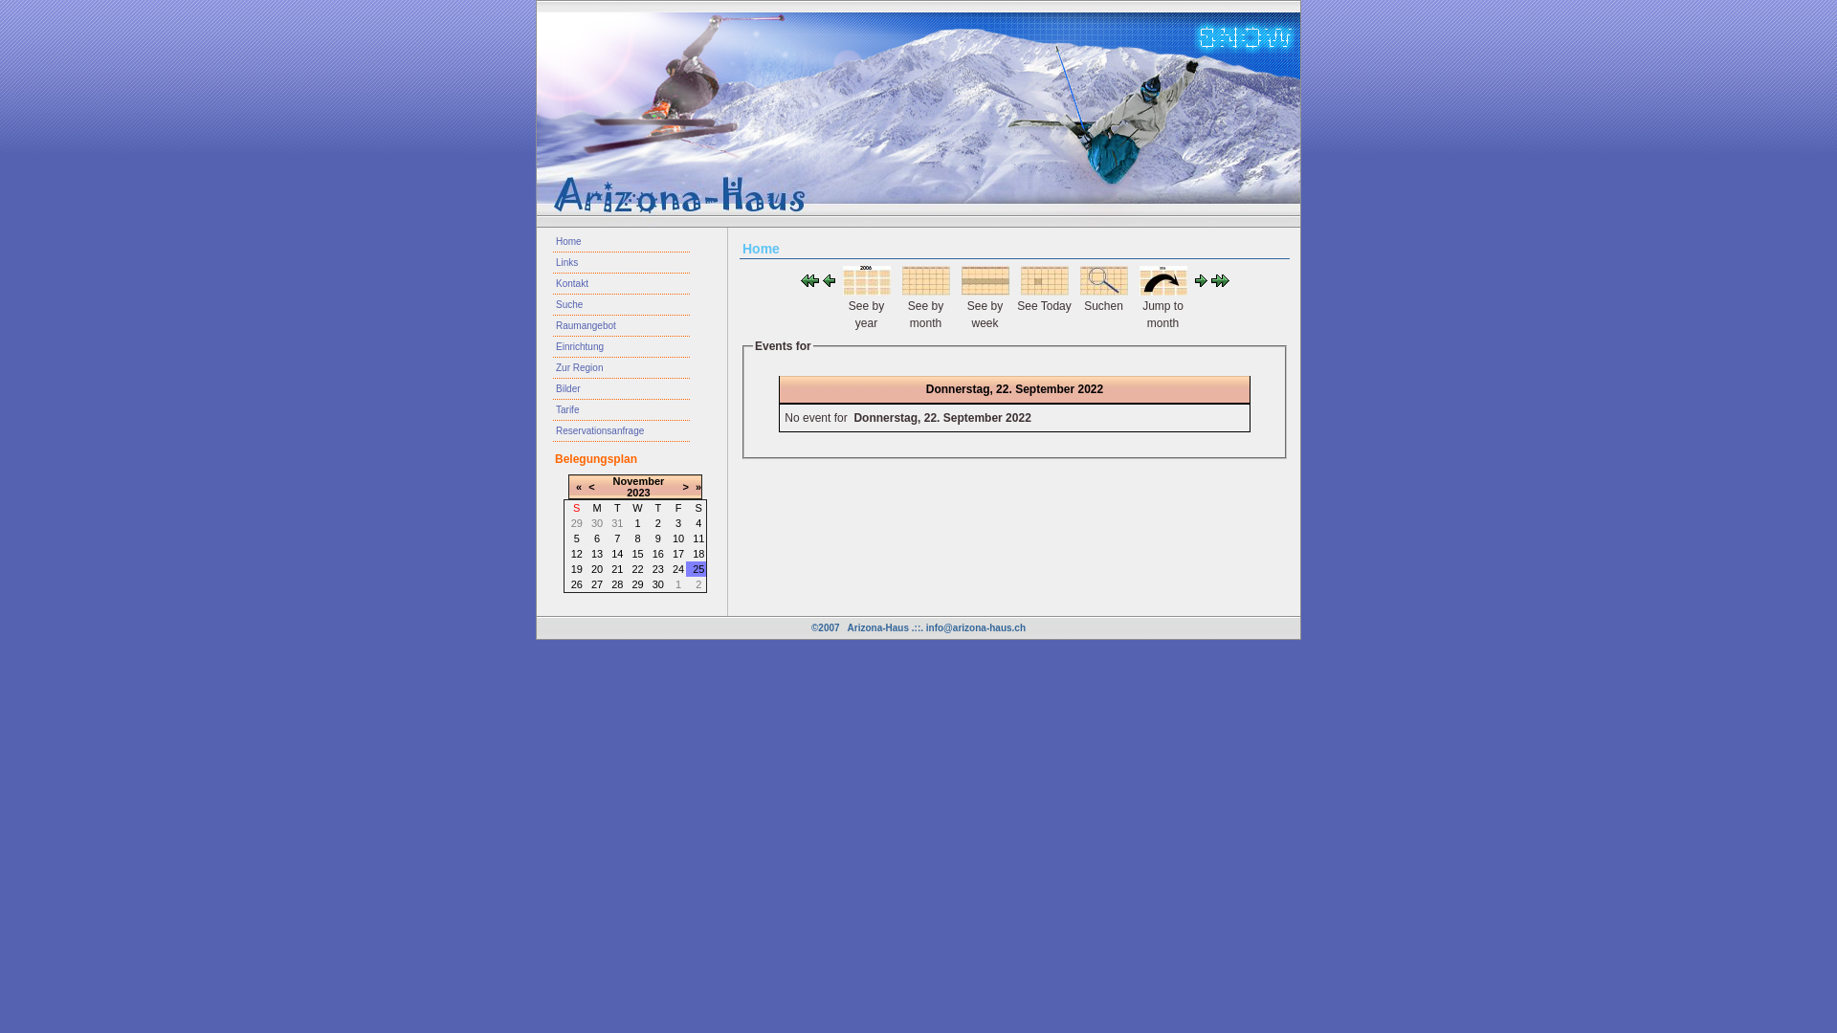  I want to click on '>', so click(682, 486).